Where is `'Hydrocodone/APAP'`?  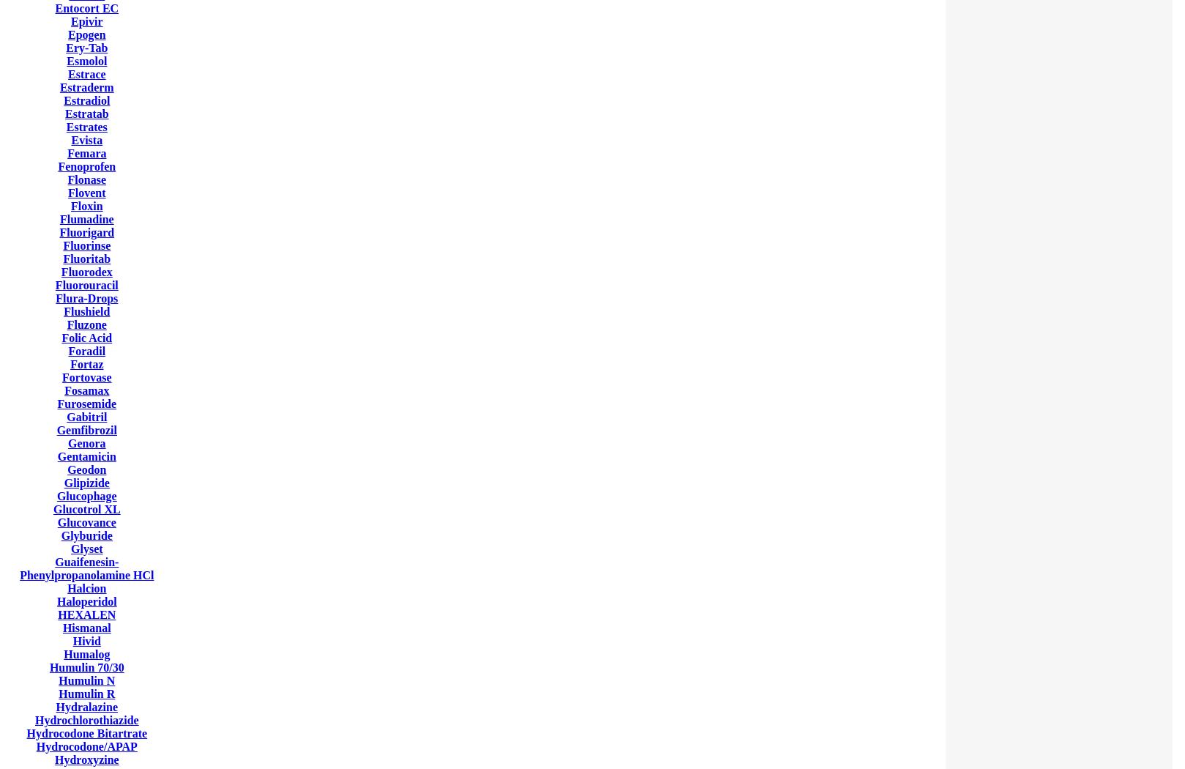 'Hydrocodone/APAP' is located at coordinates (86, 746).